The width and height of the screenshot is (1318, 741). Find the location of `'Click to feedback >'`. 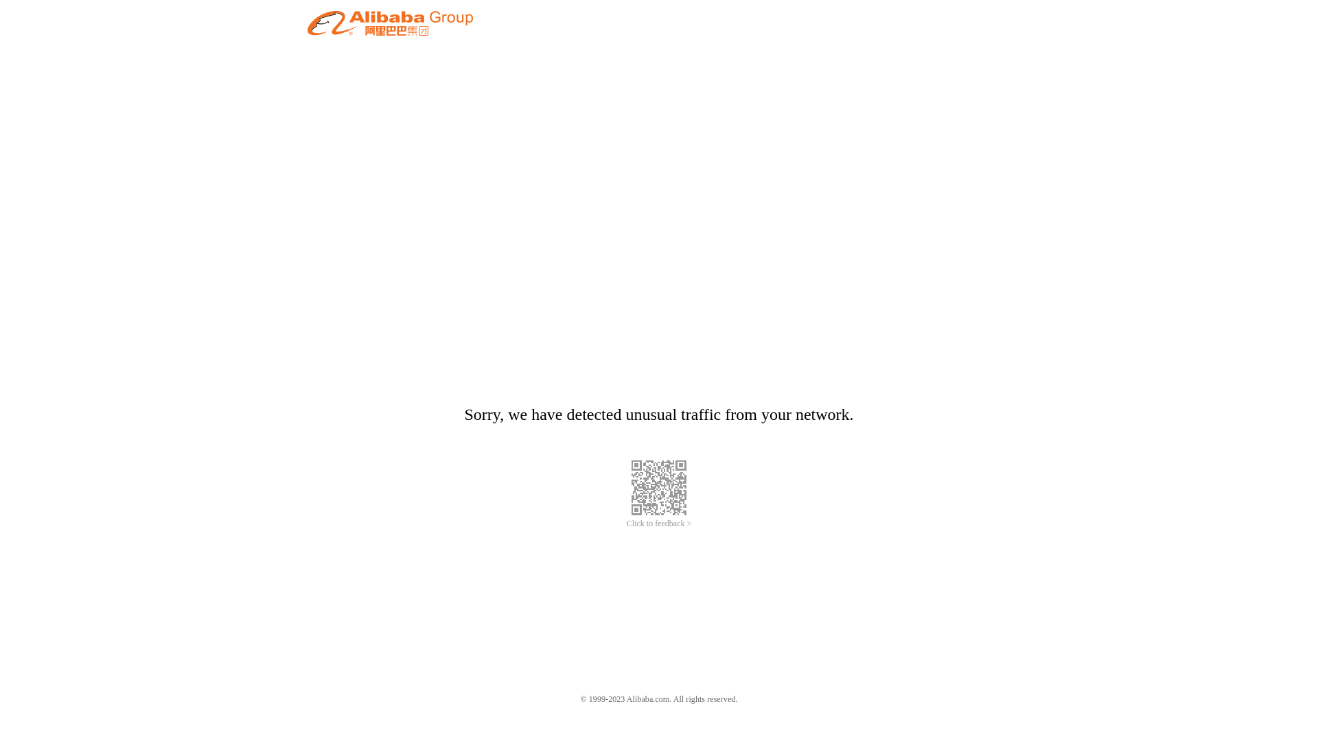

'Click to feedback >' is located at coordinates (659, 524).